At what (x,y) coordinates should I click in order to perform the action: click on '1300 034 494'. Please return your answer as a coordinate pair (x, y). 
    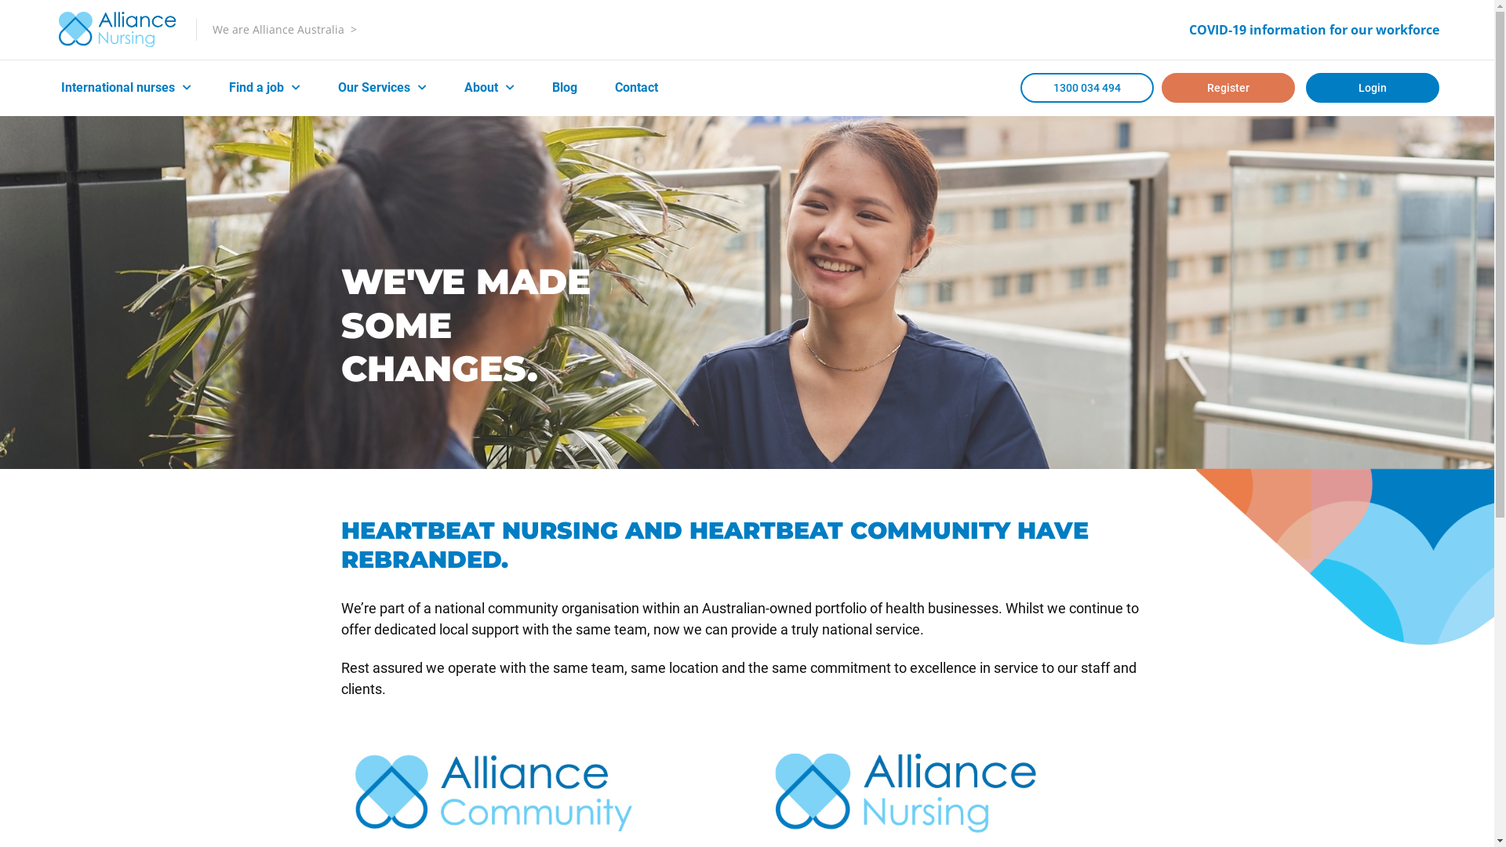
    Looking at the image, I should click on (1020, 87).